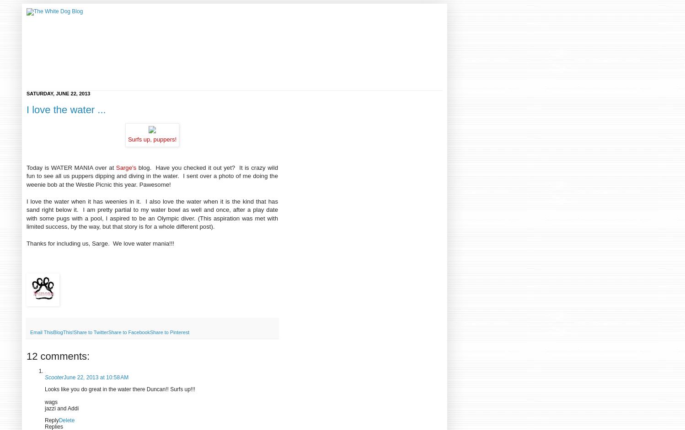 The image size is (685, 430). What do you see at coordinates (44, 425) in the screenshot?
I see `'Replies'` at bounding box center [44, 425].